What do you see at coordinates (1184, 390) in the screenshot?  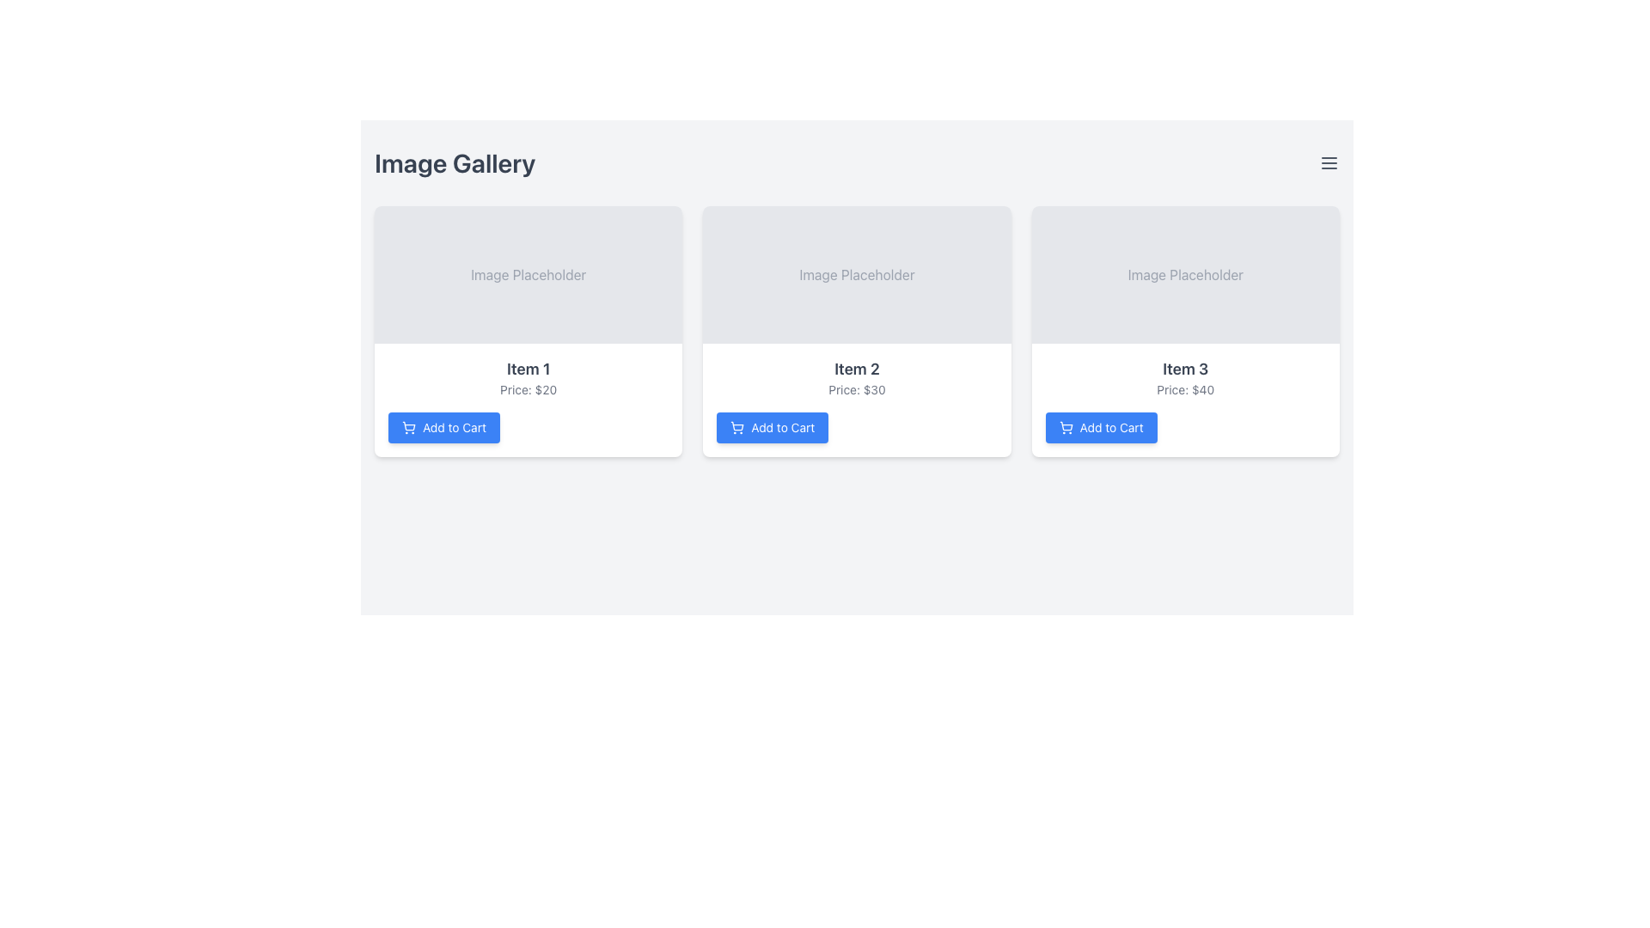 I see `the static text label displaying 'Price: $40', which is located below the 'Item 3' label in the third card of a horizontally aligned grid` at bounding box center [1184, 390].